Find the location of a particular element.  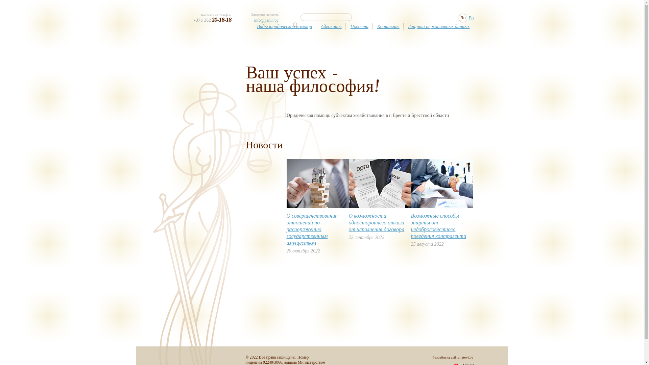

'Ru' is located at coordinates (462, 18).